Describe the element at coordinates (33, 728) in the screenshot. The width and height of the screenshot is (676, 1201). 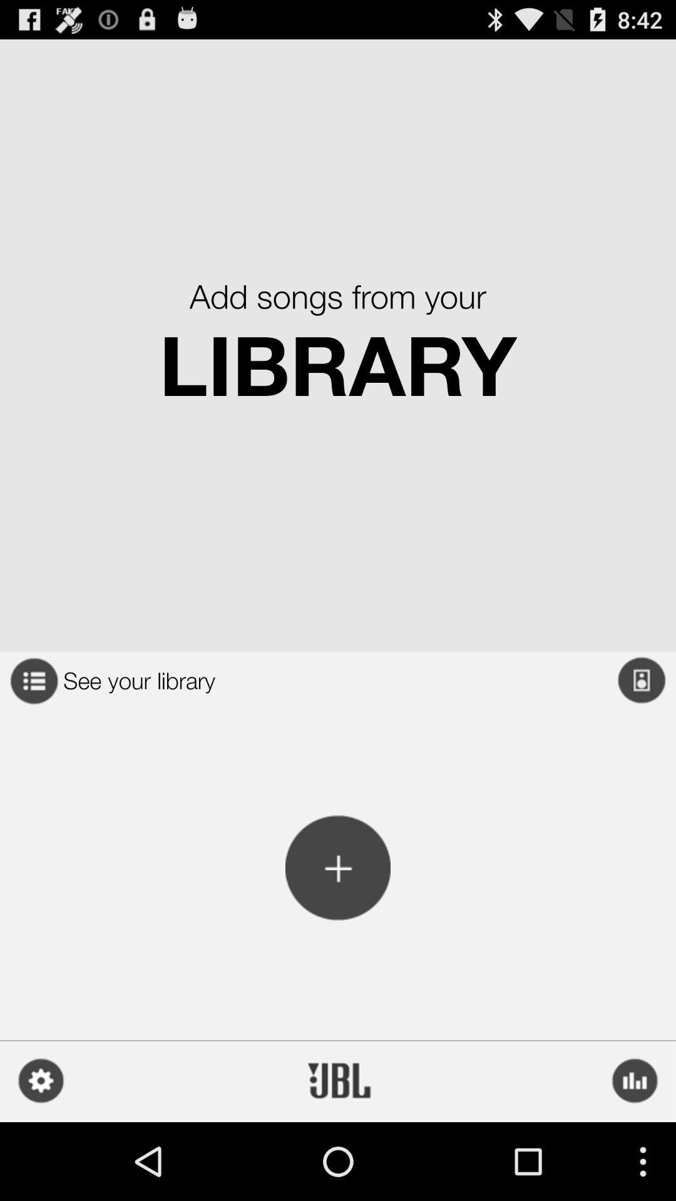
I see `the list icon` at that location.